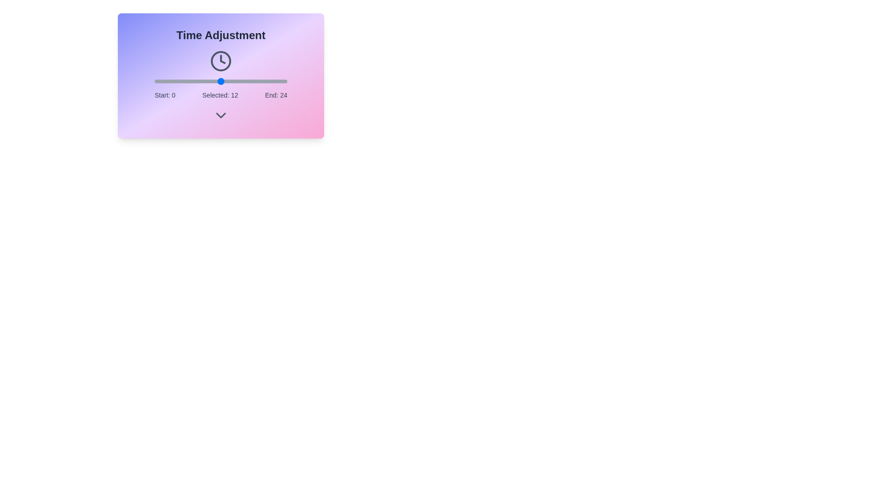 Image resolution: width=884 pixels, height=497 pixels. What do you see at coordinates (177, 81) in the screenshot?
I see `the time slider to 4` at bounding box center [177, 81].